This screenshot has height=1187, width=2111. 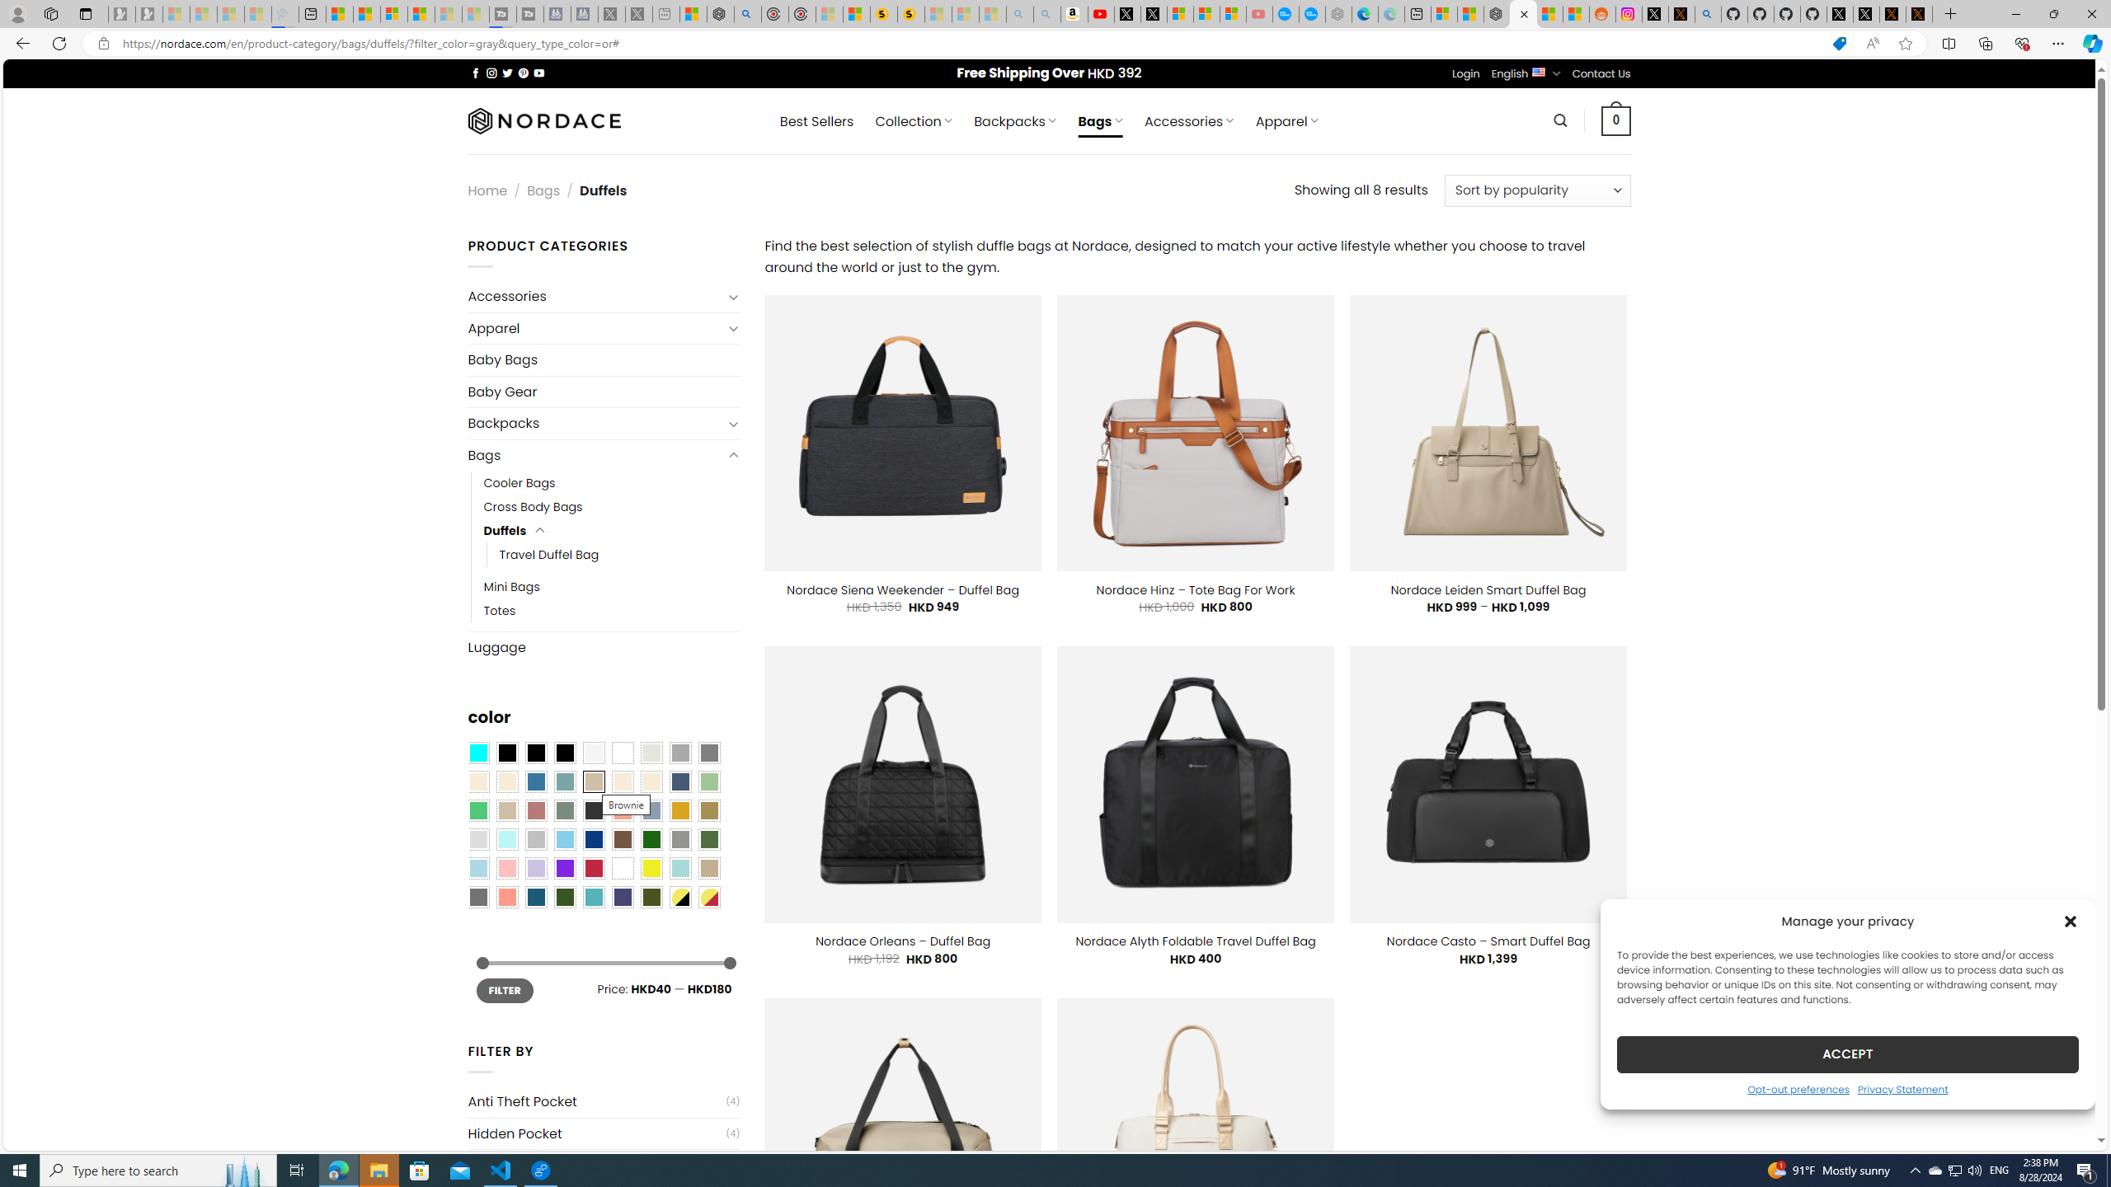 I want to click on 'Capri Blue', so click(x=535, y=896).